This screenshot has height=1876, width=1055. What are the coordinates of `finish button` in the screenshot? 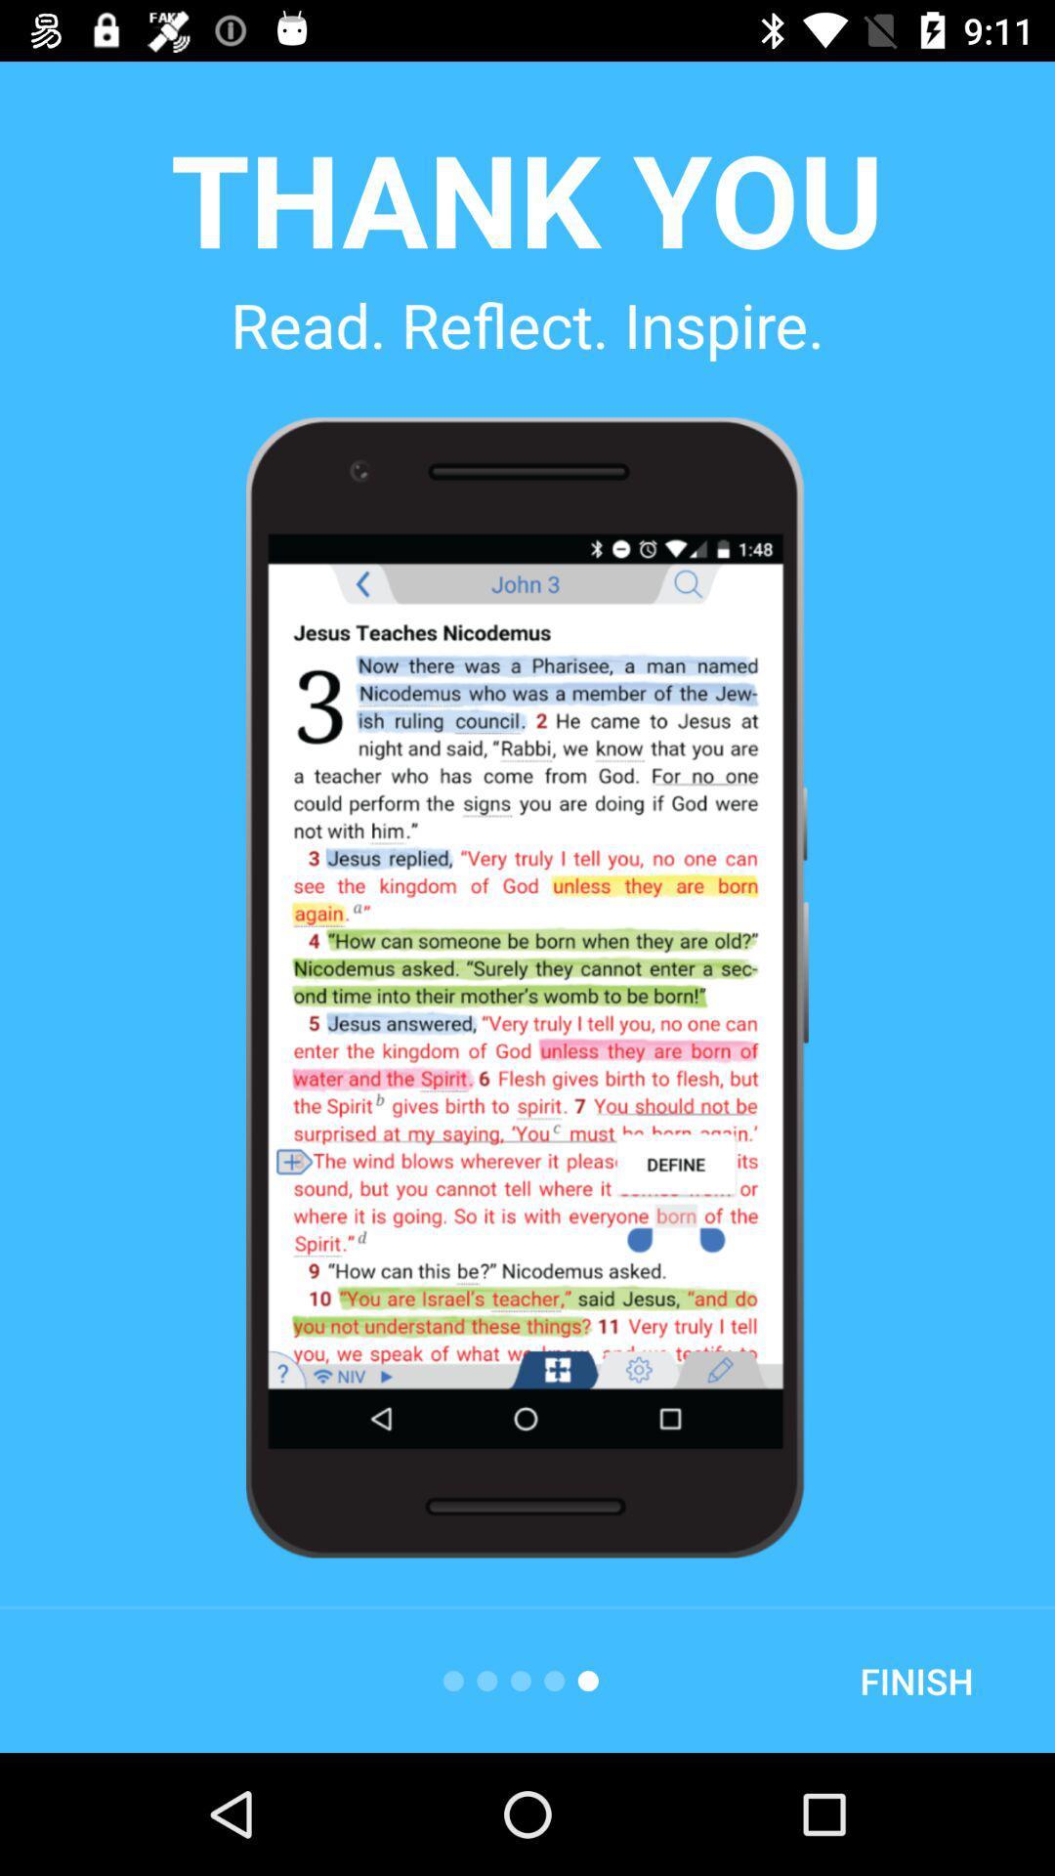 It's located at (916, 1680).